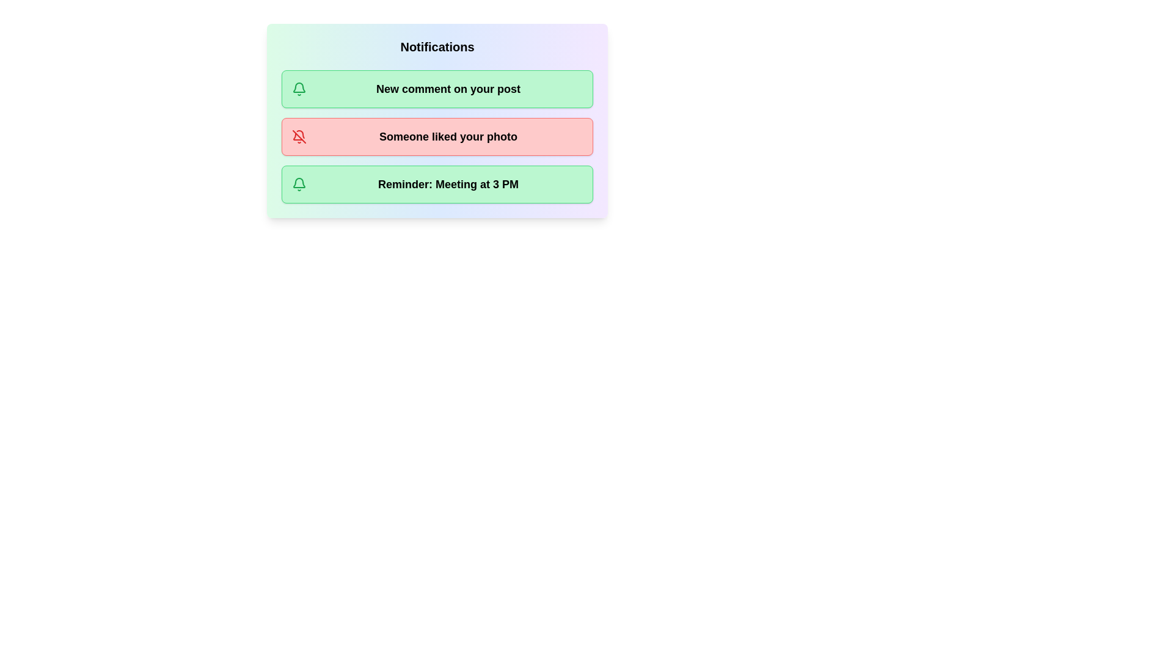 Image resolution: width=1173 pixels, height=660 pixels. I want to click on the notification chip labeled 'Someone liked your photo' to observe the hover effect, so click(437, 136).